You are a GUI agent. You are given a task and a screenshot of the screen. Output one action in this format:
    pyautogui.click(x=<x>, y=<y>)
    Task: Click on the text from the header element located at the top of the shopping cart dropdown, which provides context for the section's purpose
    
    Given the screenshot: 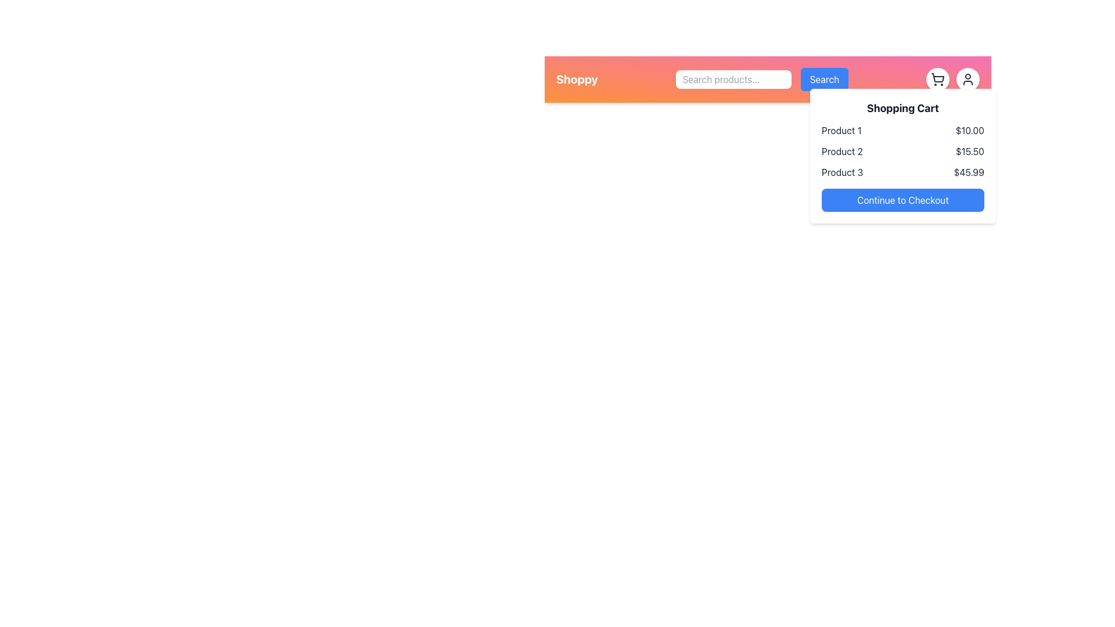 What is the action you would take?
    pyautogui.click(x=902, y=108)
    